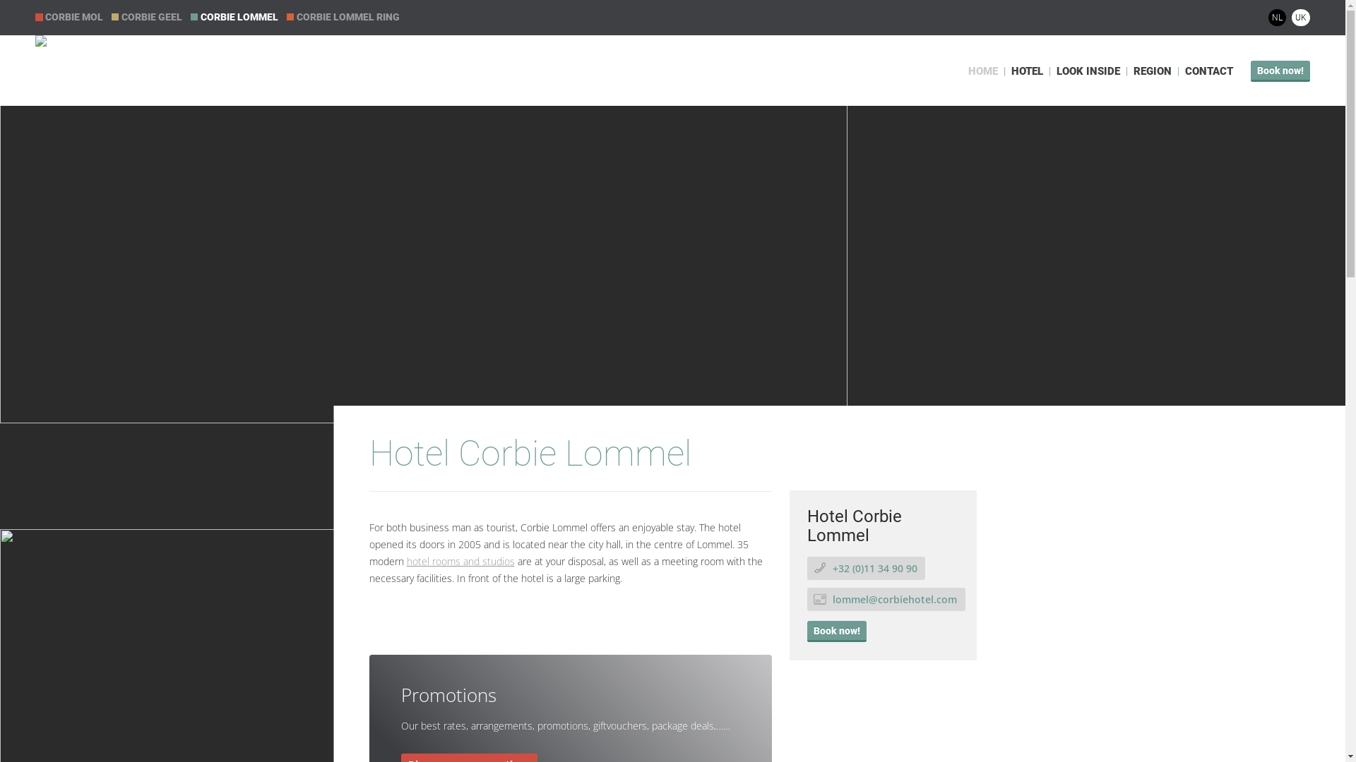  What do you see at coordinates (1208, 71) in the screenshot?
I see `'CONTACT'` at bounding box center [1208, 71].